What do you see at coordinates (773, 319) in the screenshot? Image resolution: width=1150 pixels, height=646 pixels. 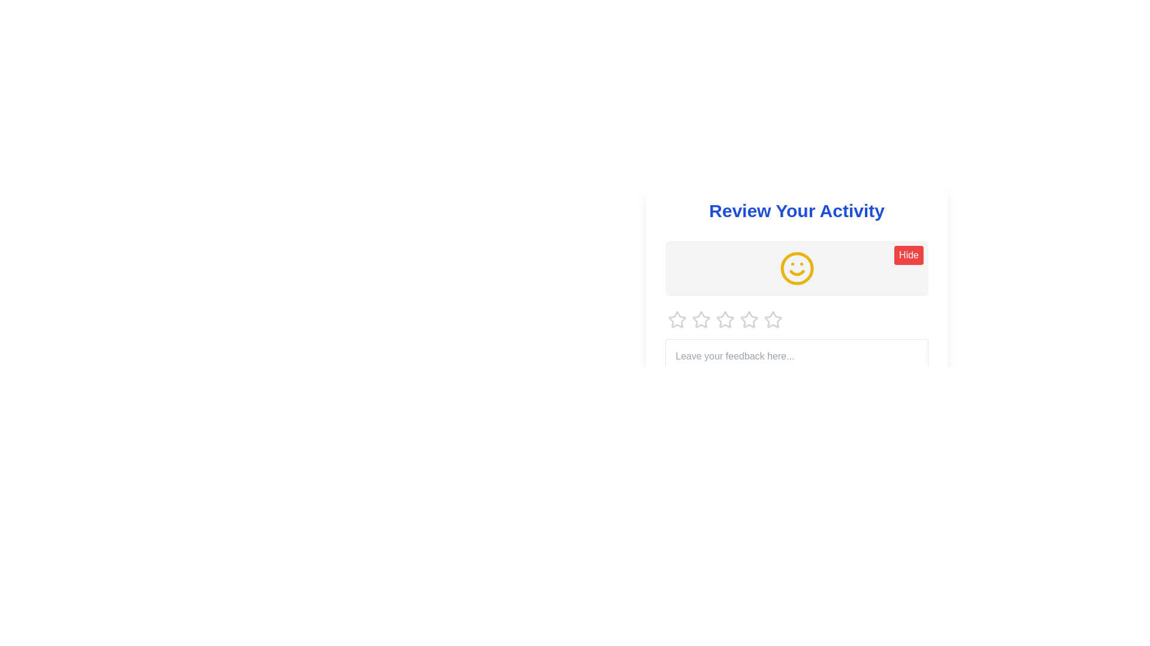 I see `the rating to 5 stars by clicking on the corresponding star` at bounding box center [773, 319].